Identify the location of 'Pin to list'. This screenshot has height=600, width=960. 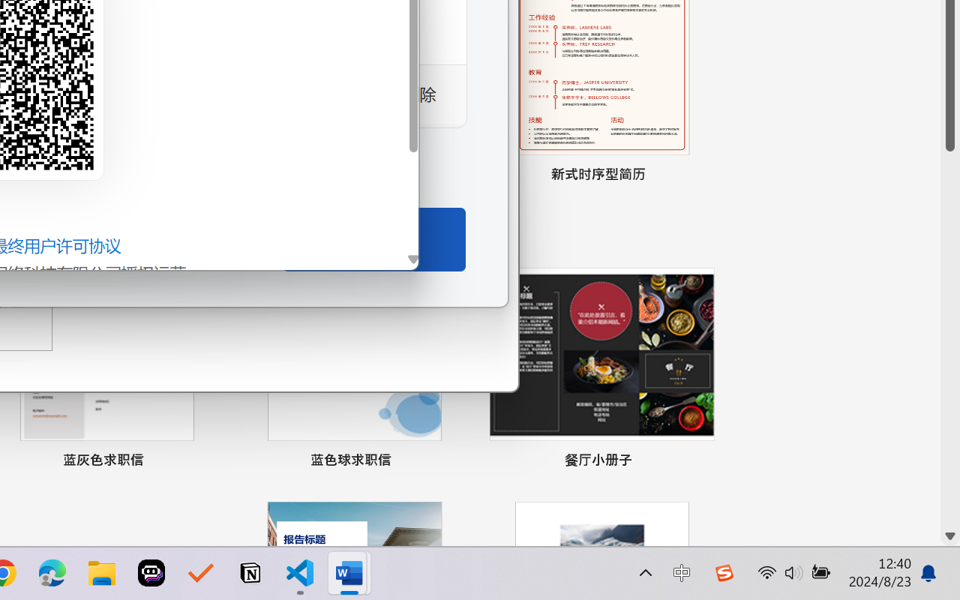
(700, 462).